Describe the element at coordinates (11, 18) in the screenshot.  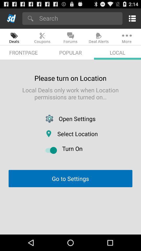
I see `main page` at that location.